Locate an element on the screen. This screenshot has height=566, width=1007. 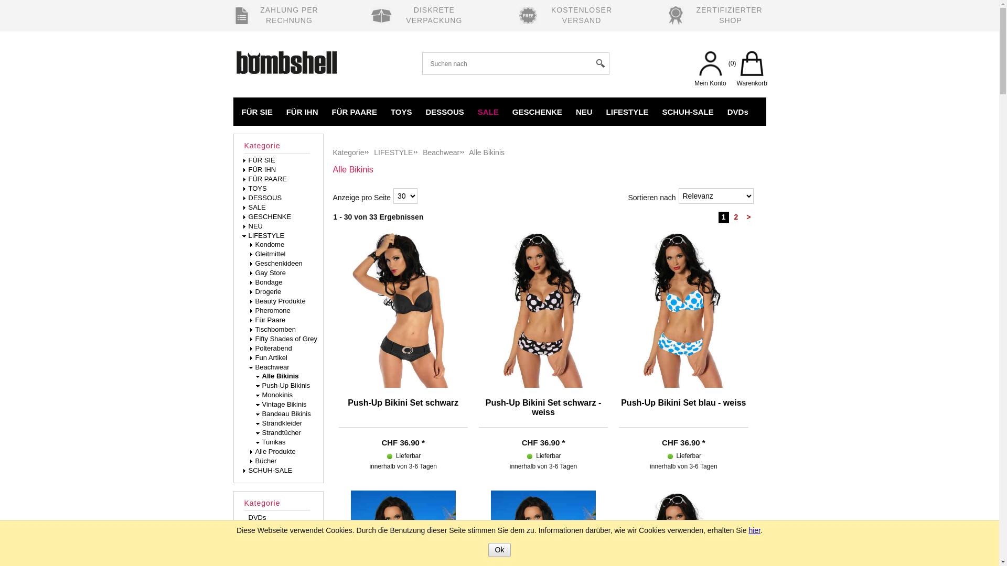
' Gay Store' is located at coordinates (271, 272).